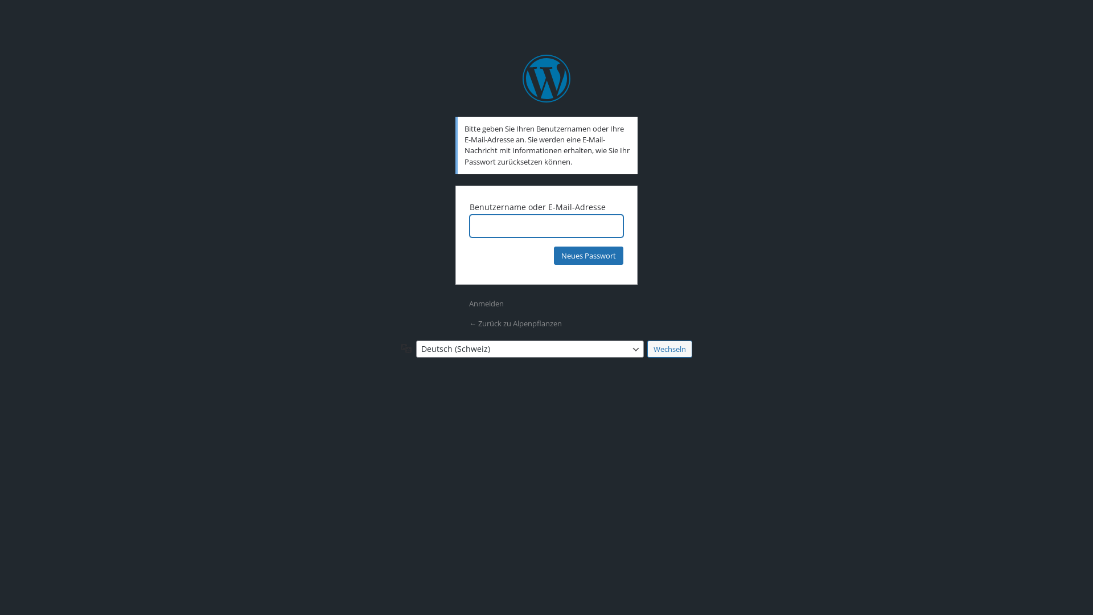 The image size is (1093, 615). Describe the element at coordinates (588, 255) in the screenshot. I see `'Neues Passwort'` at that location.